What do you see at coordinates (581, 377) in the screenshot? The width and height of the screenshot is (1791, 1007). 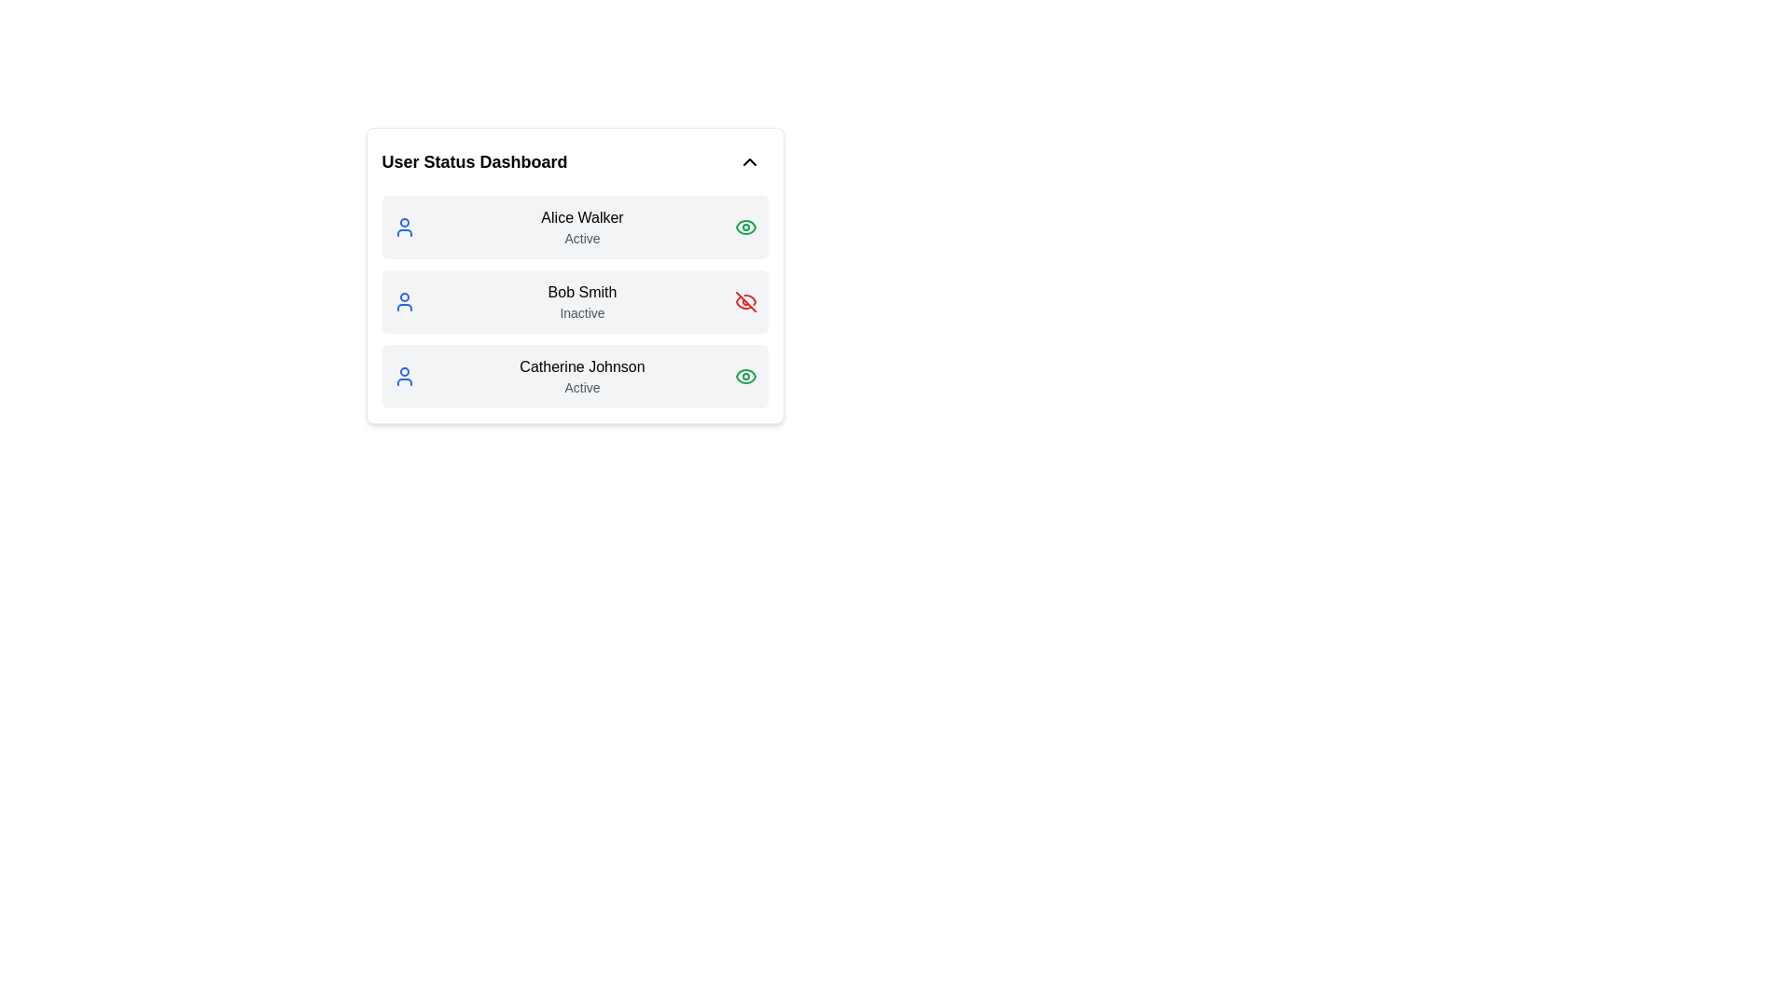 I see `the text display for 'Catherine Johnson' which shows the status 'Active' in the User Status Dashboard` at bounding box center [581, 377].